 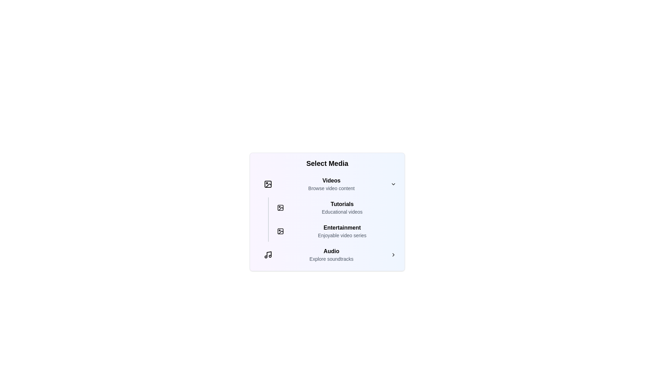 What do you see at coordinates (336, 207) in the screenshot?
I see `the second list item labeled 'Tutorials' in the vertical list` at bounding box center [336, 207].